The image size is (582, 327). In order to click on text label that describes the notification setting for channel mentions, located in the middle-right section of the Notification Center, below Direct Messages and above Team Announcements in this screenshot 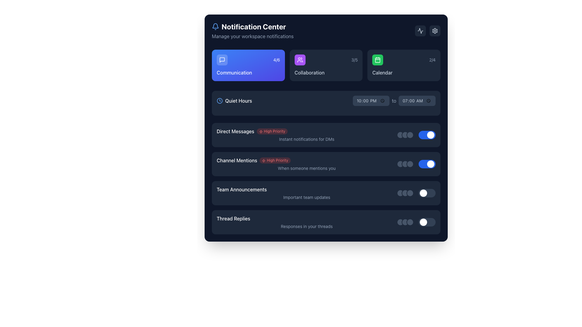, I will do `click(307, 164)`.